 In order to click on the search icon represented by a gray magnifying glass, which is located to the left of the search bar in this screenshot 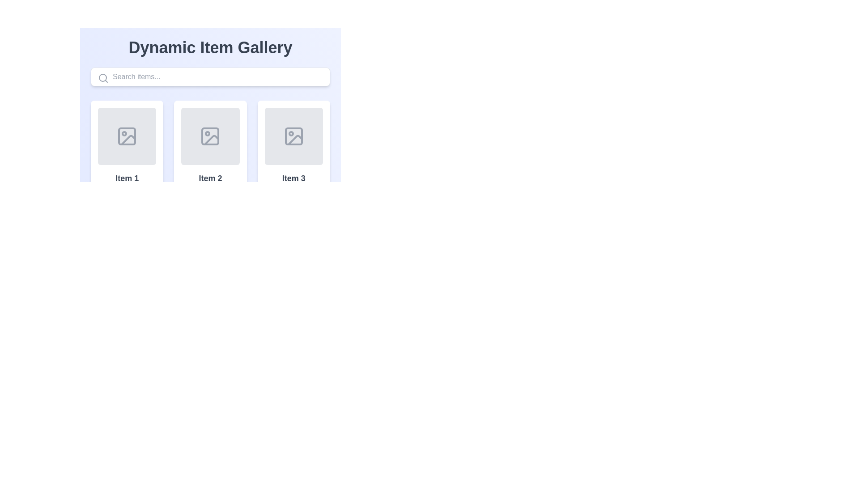, I will do `click(103, 77)`.